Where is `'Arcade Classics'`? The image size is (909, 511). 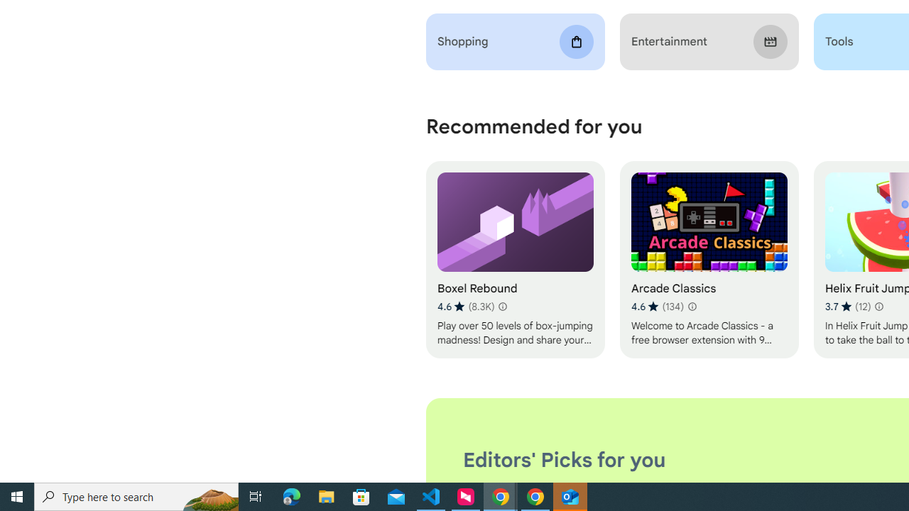 'Arcade Classics' is located at coordinates (709, 260).